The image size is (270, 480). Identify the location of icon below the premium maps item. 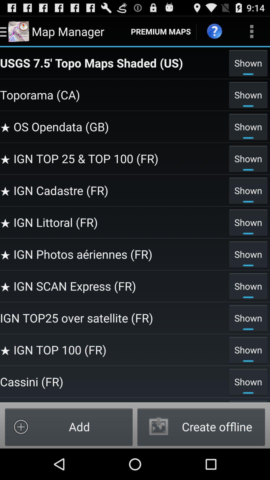
(113, 62).